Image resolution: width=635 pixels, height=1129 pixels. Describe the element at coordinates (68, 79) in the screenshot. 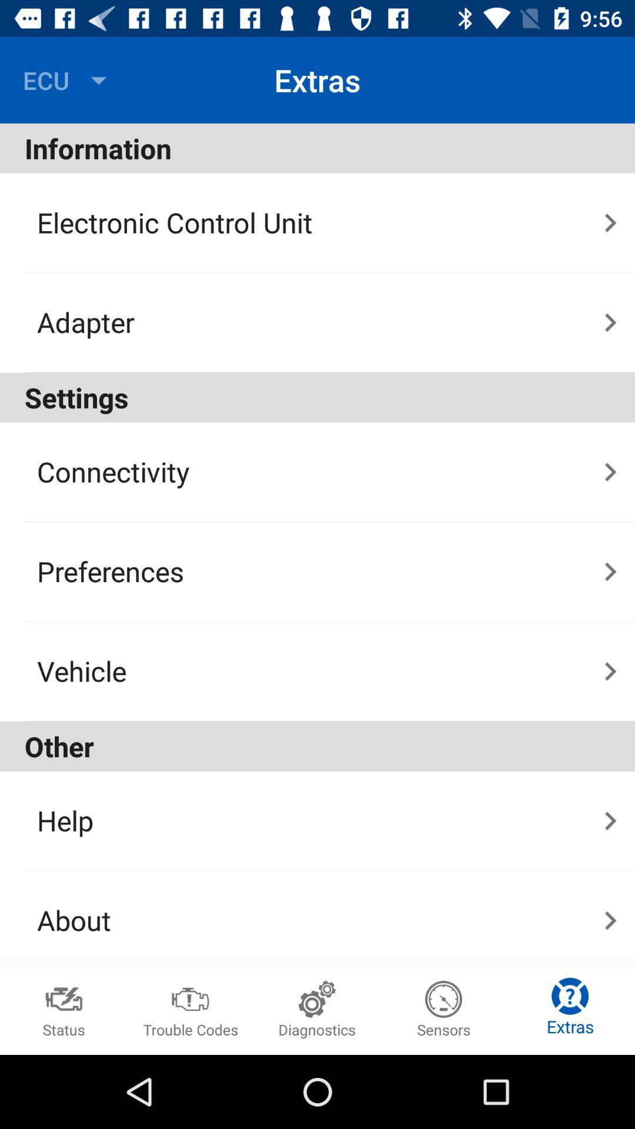

I see `the icon above information` at that location.